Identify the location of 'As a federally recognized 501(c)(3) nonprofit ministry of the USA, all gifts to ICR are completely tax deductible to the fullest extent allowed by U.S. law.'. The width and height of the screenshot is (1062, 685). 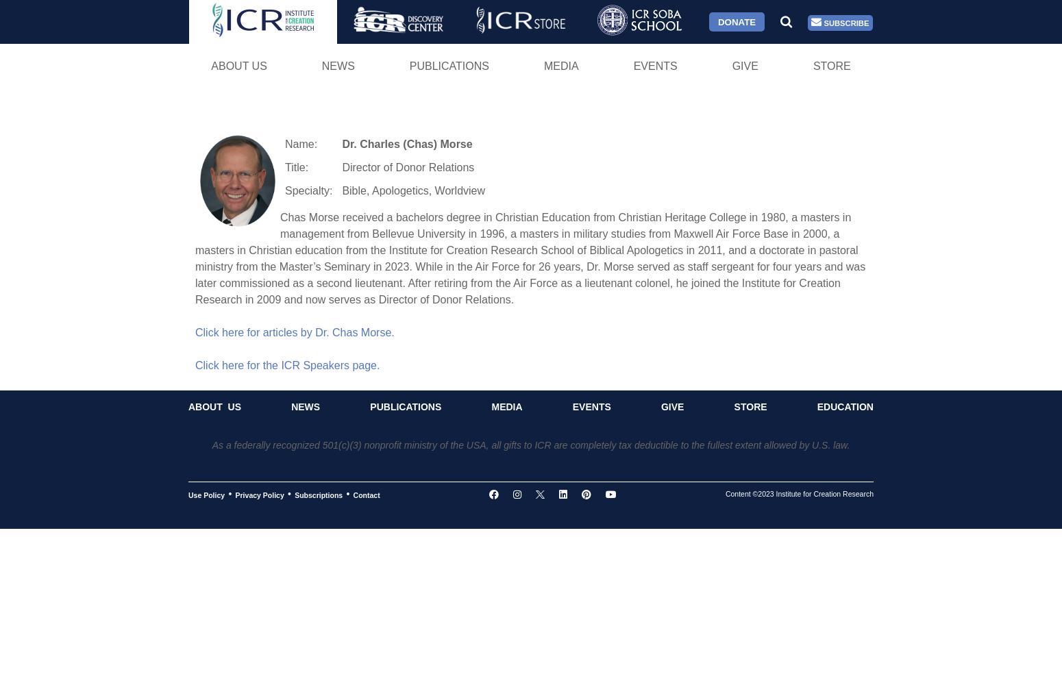
(530, 445).